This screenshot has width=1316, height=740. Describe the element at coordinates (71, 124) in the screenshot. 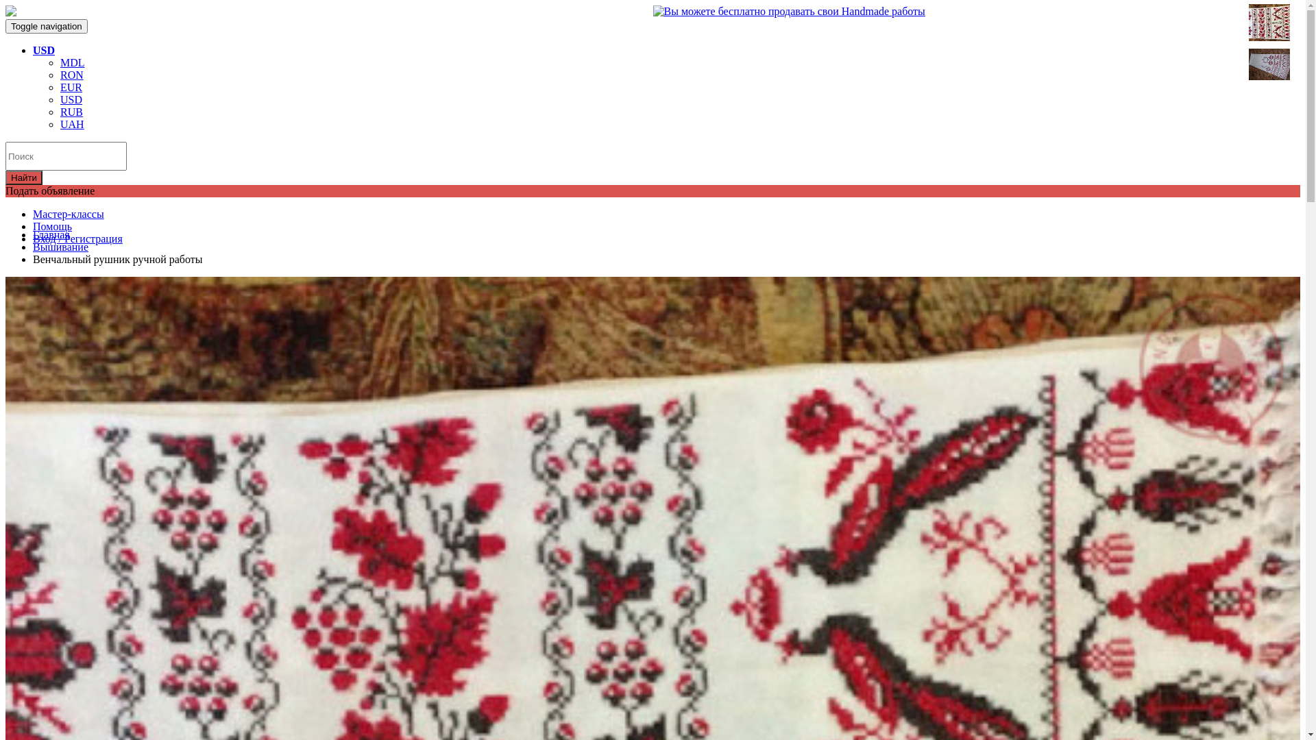

I see `'UAH'` at that location.